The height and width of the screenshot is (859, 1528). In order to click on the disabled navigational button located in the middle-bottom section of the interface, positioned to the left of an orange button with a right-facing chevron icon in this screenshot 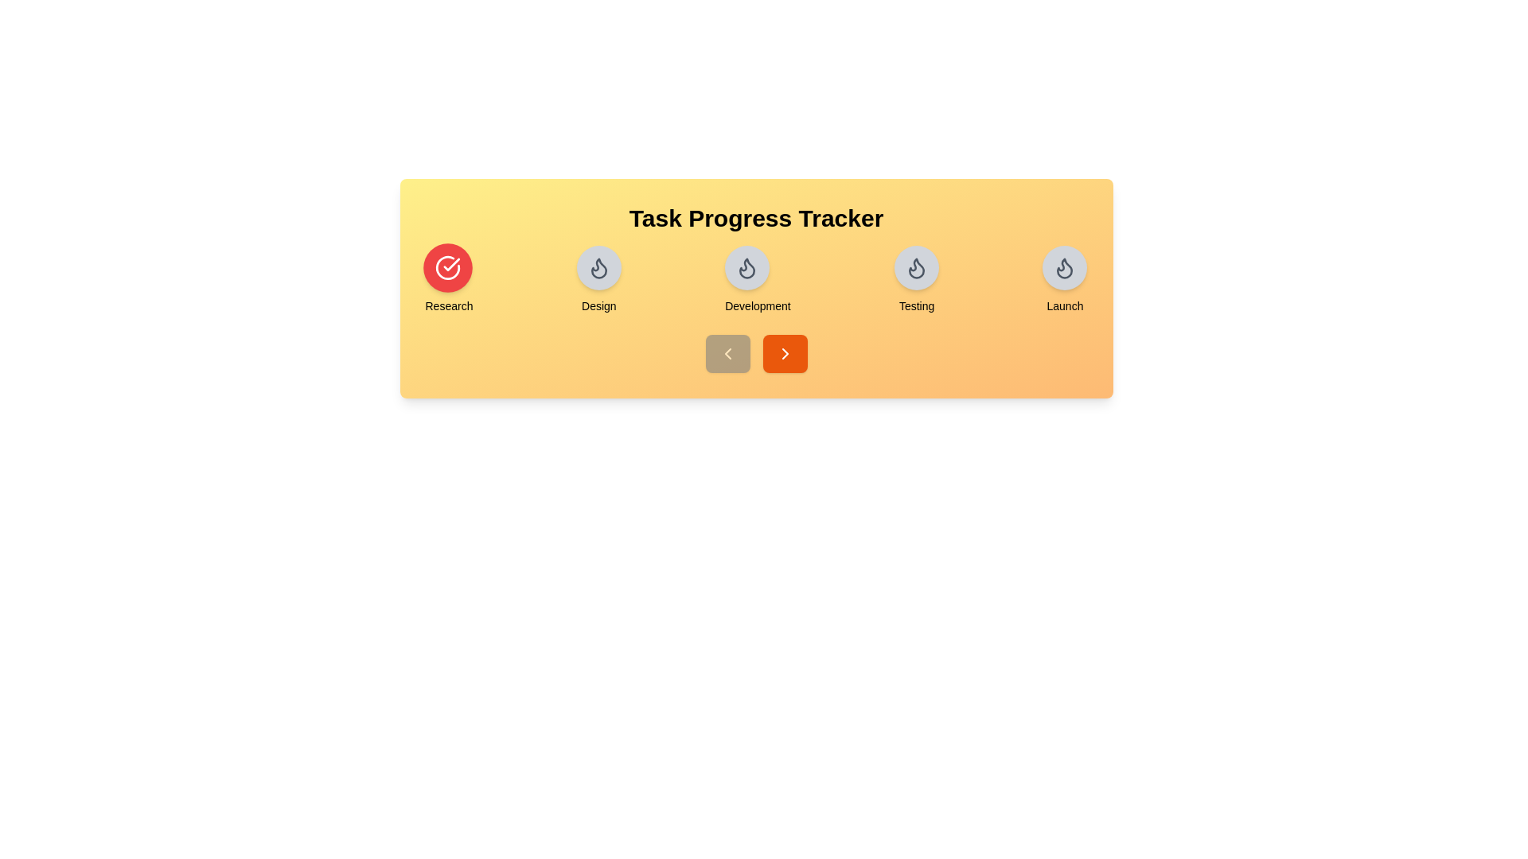, I will do `click(727, 352)`.